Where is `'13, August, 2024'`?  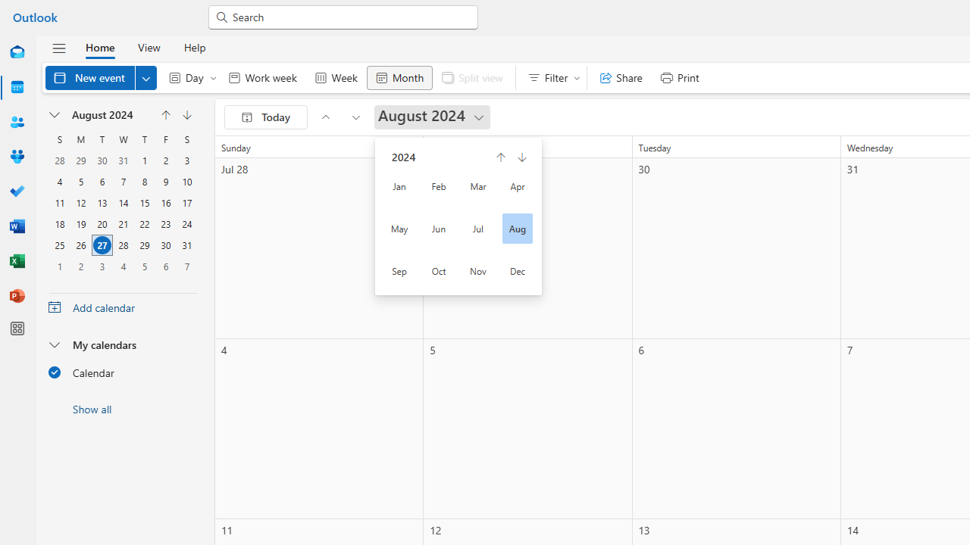 '13, August, 2024' is located at coordinates (102, 202).